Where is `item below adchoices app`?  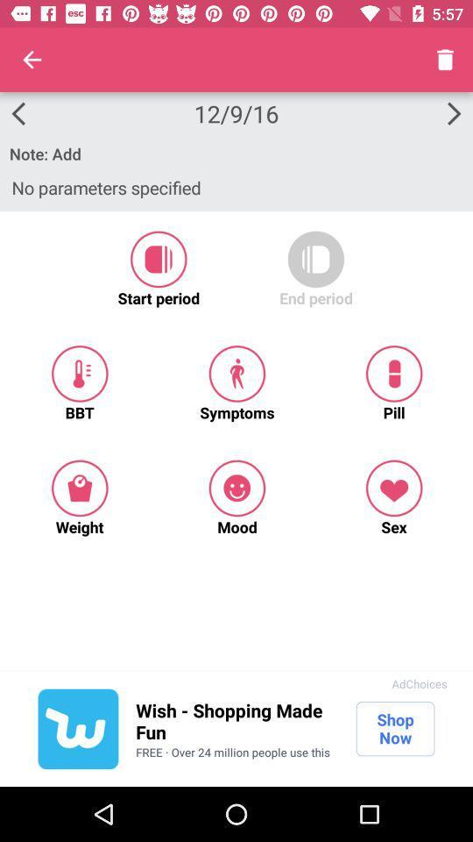
item below adchoices app is located at coordinates (395, 729).